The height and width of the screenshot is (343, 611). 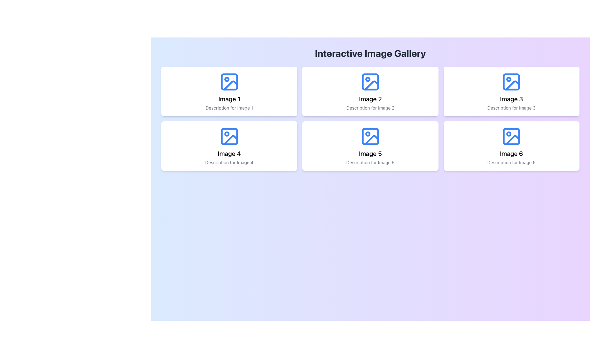 I want to click on the decorative icon representing the image or media content located at the top center of the 'Image 1' card, so click(x=229, y=82).